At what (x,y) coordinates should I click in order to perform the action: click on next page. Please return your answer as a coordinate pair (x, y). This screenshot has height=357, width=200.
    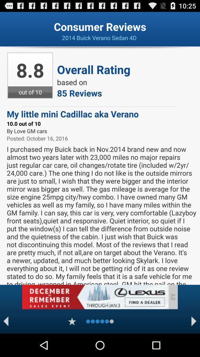
    Looking at the image, I should click on (194, 321).